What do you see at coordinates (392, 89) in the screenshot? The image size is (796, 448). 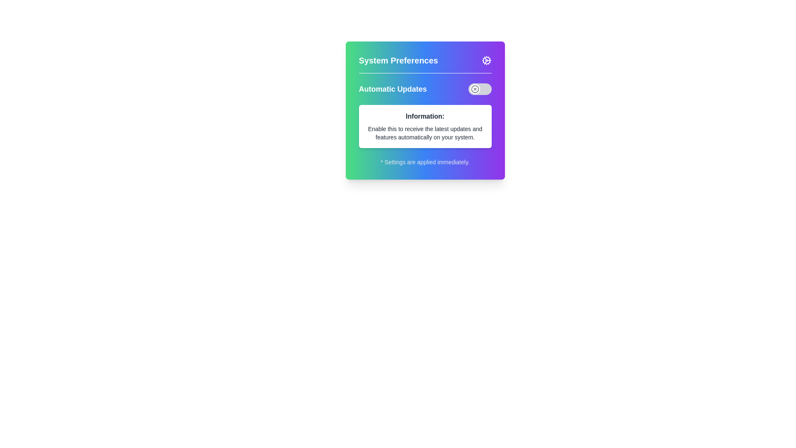 I see `the text label displaying 'Automatic Updates' in bold white font on a gradient background` at bounding box center [392, 89].